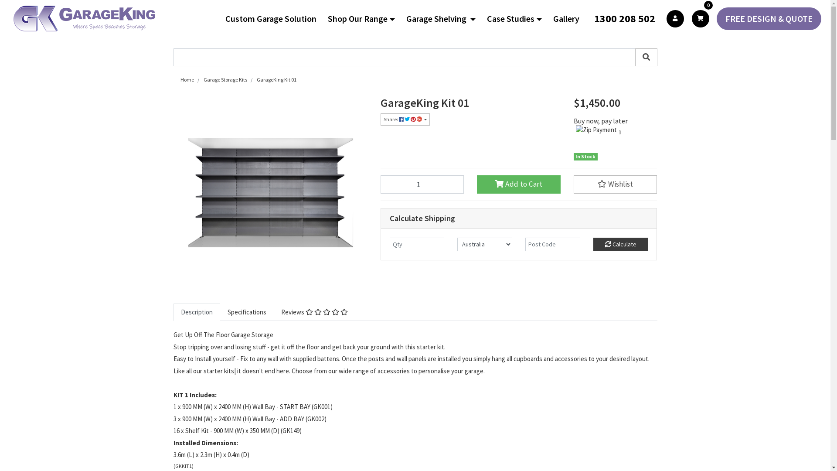  I want to click on 'Add to Cart', so click(519, 184).